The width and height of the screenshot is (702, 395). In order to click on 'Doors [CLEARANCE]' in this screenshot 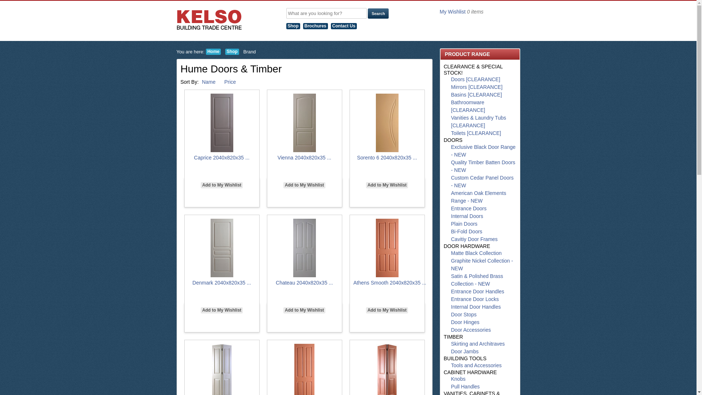, I will do `click(476, 79)`.